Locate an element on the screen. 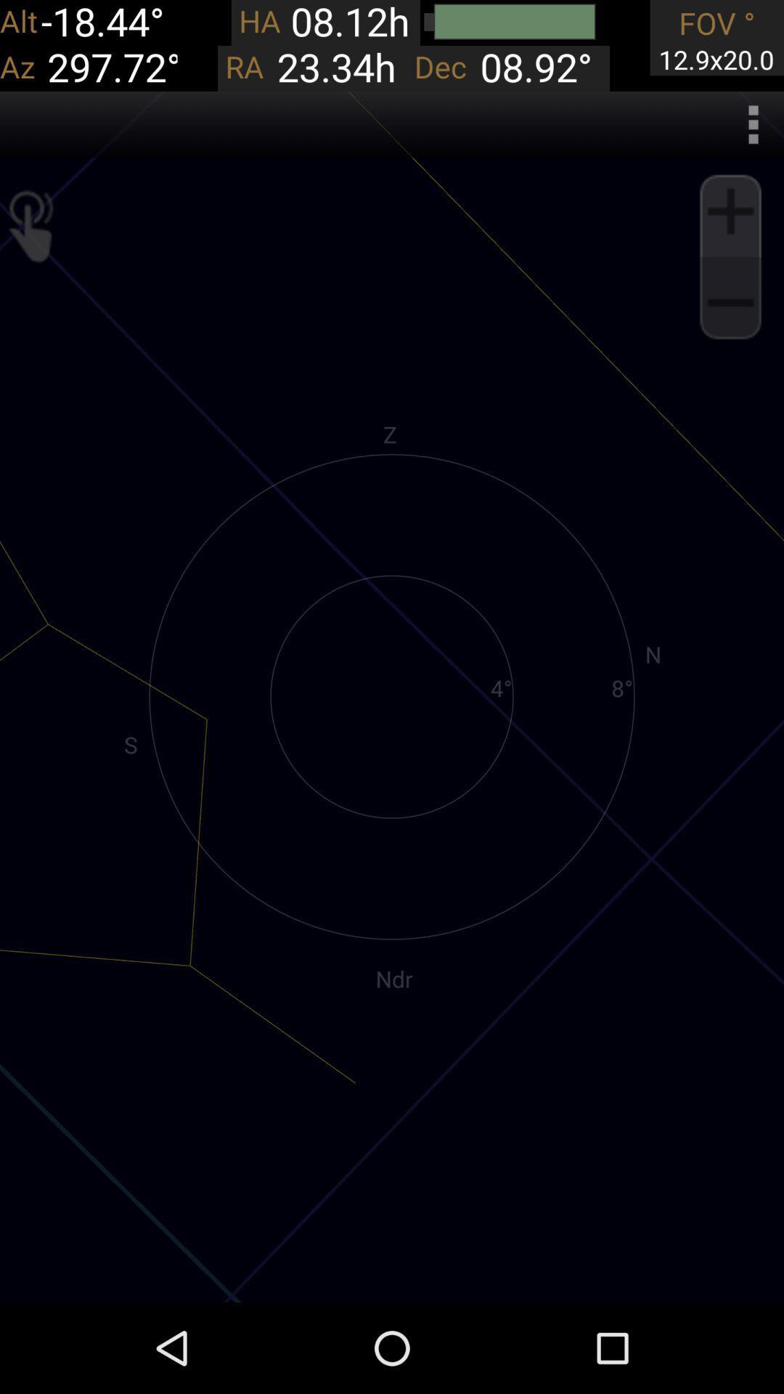 This screenshot has height=1394, width=784. focus map is located at coordinates (730, 211).